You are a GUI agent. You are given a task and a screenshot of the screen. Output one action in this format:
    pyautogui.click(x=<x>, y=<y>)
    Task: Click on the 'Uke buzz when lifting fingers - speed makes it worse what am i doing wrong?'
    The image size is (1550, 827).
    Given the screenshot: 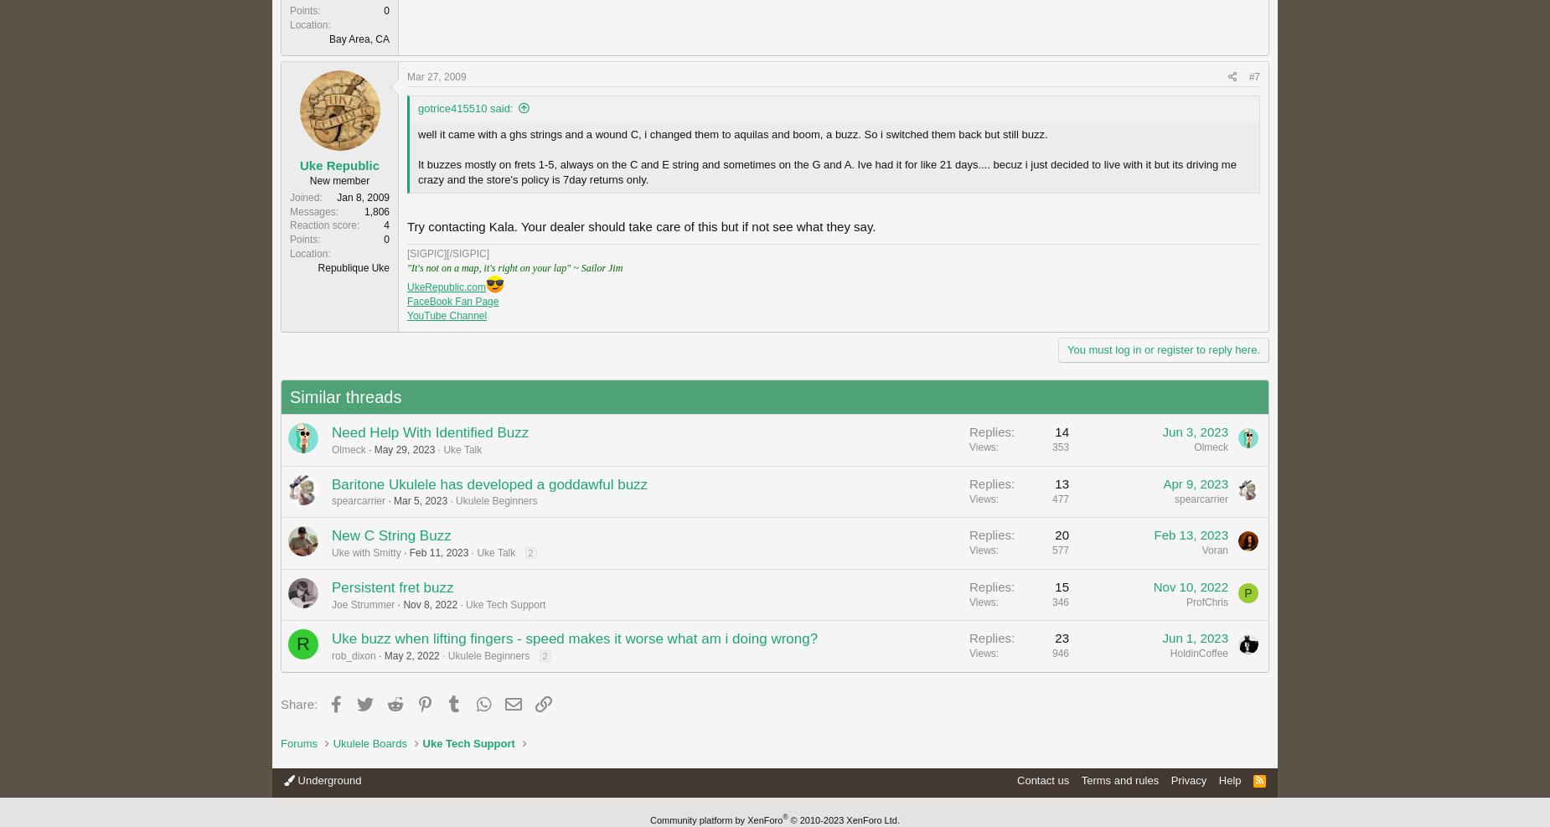 What is the action you would take?
    pyautogui.click(x=574, y=638)
    